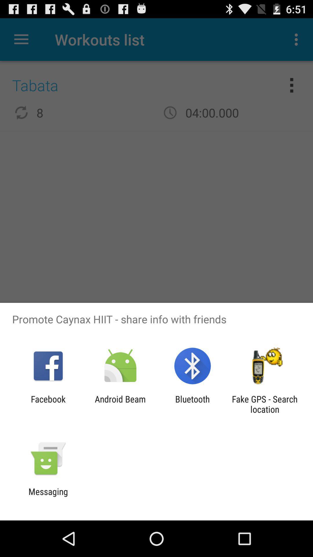 Image resolution: width=313 pixels, height=557 pixels. Describe the element at coordinates (48, 496) in the screenshot. I see `messaging app` at that location.